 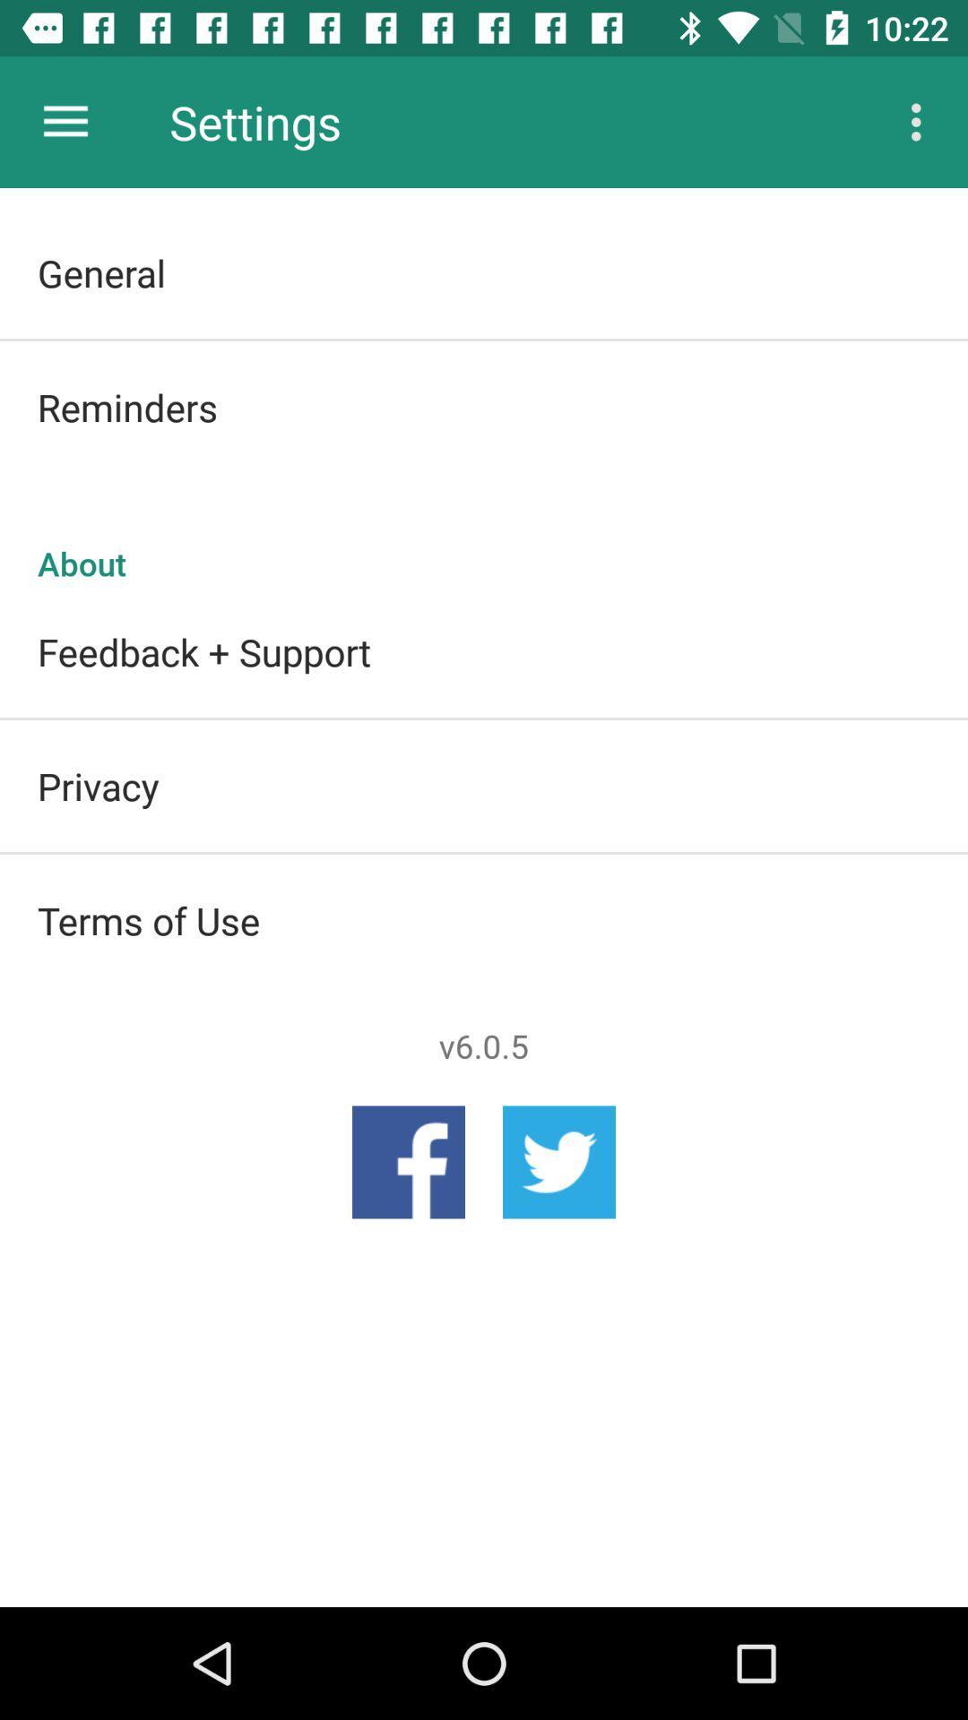 What do you see at coordinates (484, 920) in the screenshot?
I see `terms of use icon` at bounding box center [484, 920].